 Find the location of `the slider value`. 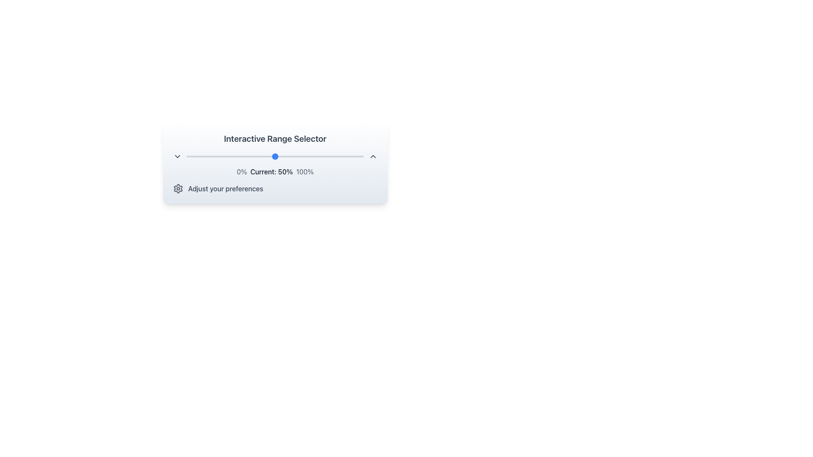

the slider value is located at coordinates (298, 157).